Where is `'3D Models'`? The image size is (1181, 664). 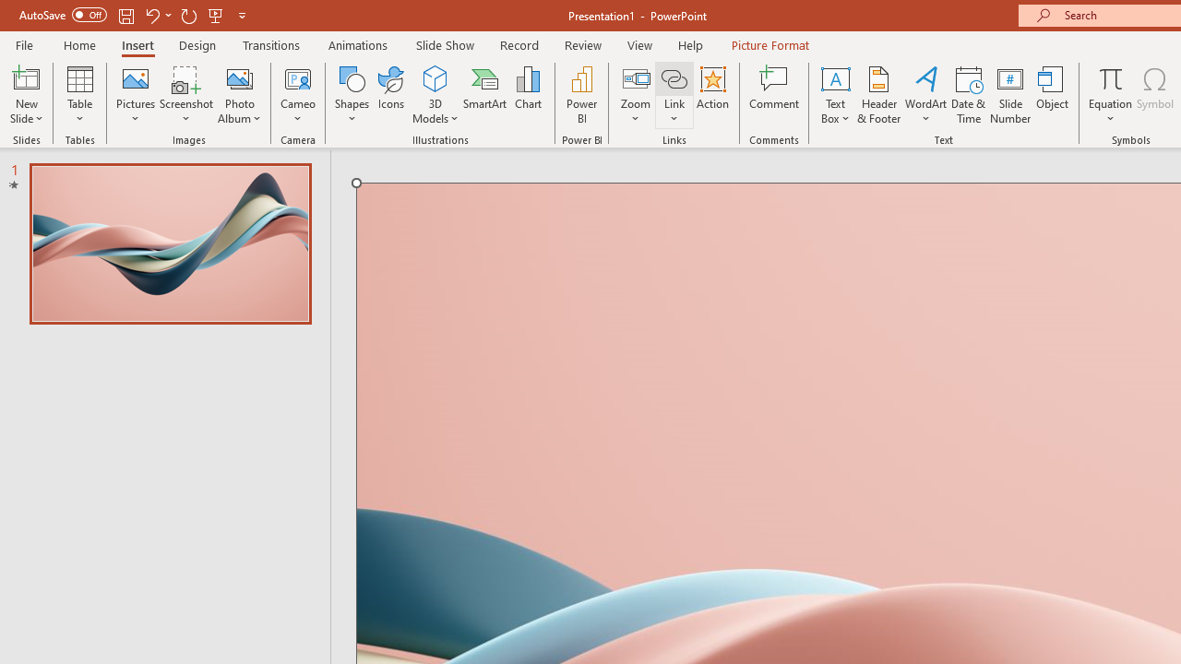 '3D Models' is located at coordinates (435, 95).